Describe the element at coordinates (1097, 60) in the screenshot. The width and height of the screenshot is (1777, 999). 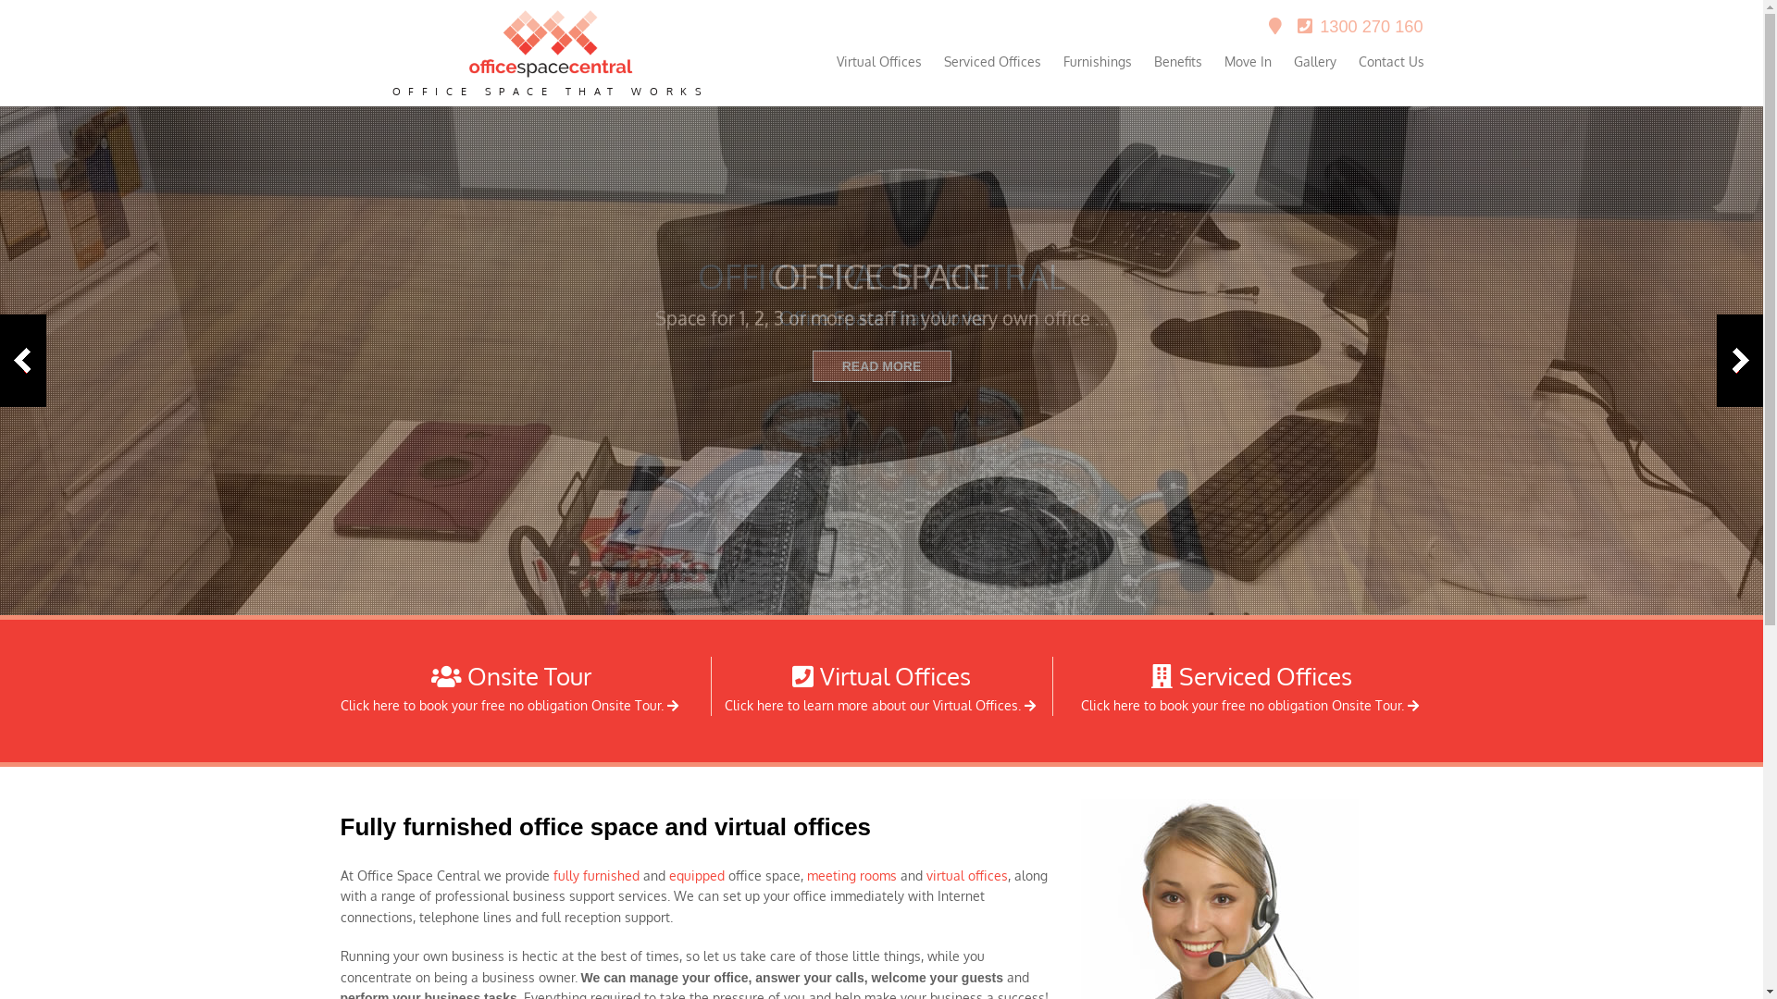
I see `'Furnishings'` at that location.